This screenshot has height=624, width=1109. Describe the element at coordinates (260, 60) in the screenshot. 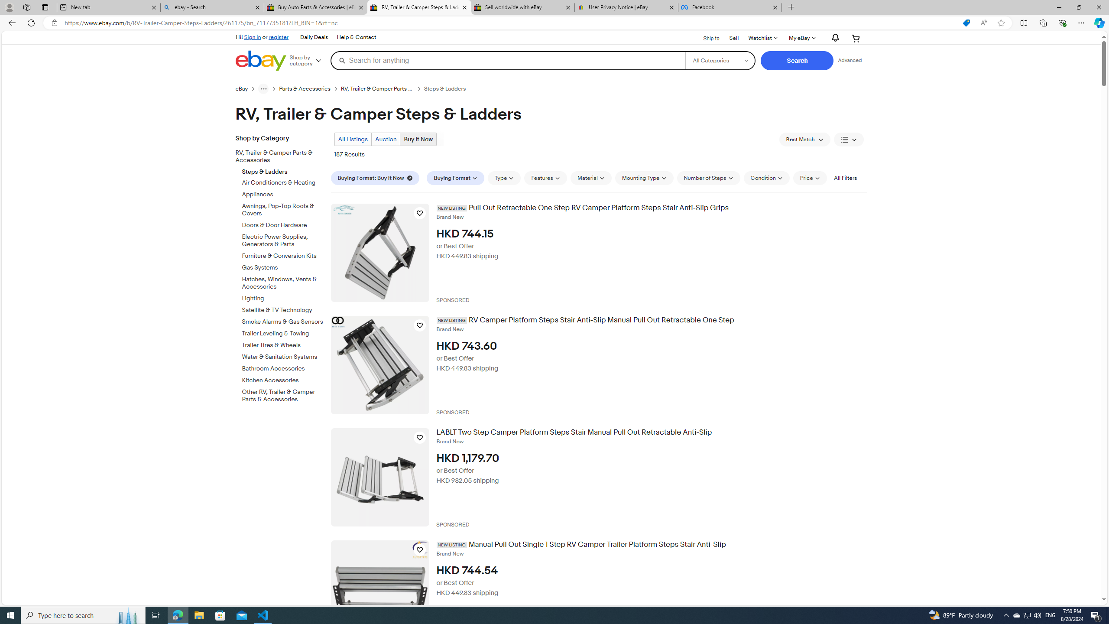

I see `'eBay Home'` at that location.